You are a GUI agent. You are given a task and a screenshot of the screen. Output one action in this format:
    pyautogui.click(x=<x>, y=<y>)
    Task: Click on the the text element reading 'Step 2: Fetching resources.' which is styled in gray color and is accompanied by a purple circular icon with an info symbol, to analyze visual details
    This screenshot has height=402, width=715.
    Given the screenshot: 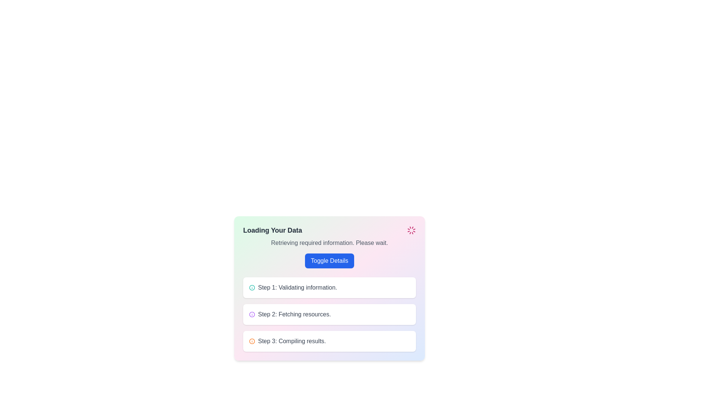 What is the action you would take?
    pyautogui.click(x=329, y=314)
    